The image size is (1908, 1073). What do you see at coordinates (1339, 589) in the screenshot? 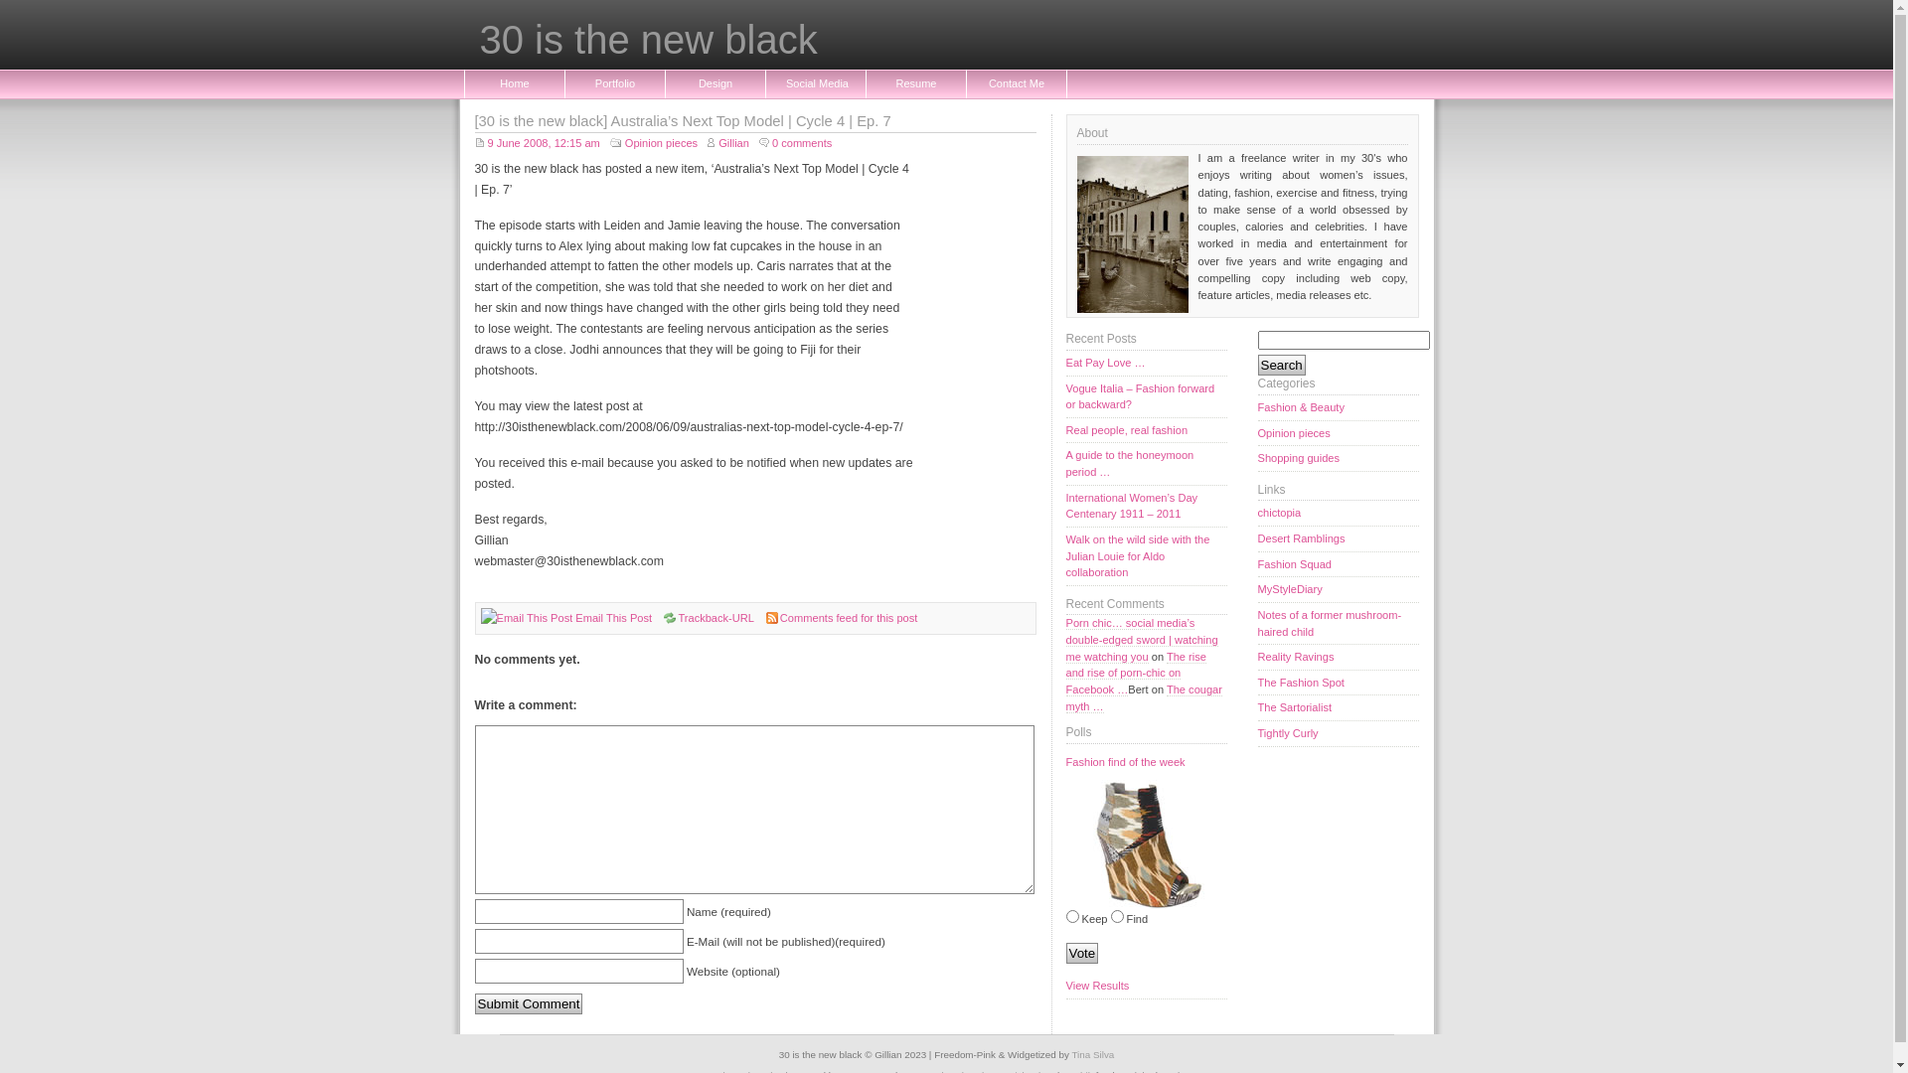
I see `'MyStyleDiary'` at bounding box center [1339, 589].